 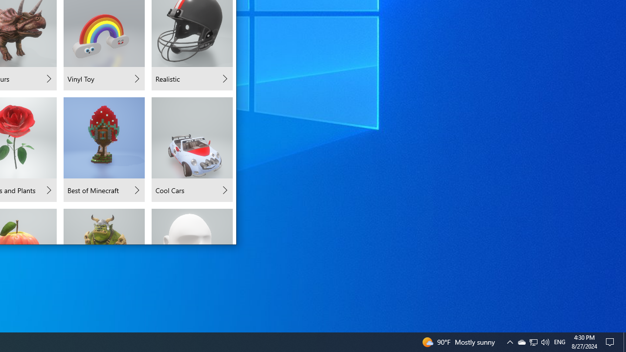 What do you see at coordinates (104, 150) in the screenshot?
I see `'Best of Minecraft'` at bounding box center [104, 150].